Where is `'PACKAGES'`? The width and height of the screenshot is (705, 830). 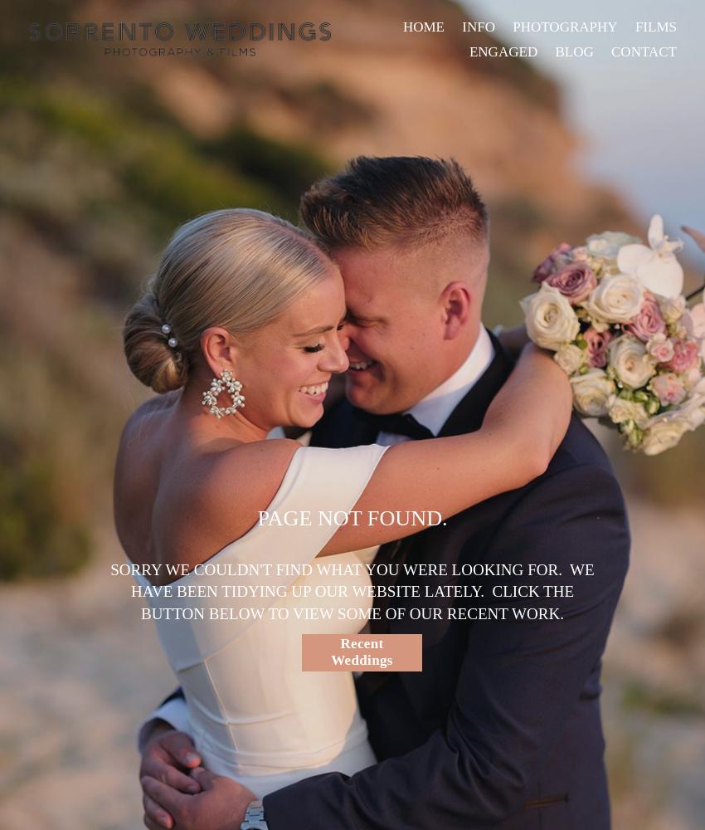
'PACKAGES' is located at coordinates (456, 55).